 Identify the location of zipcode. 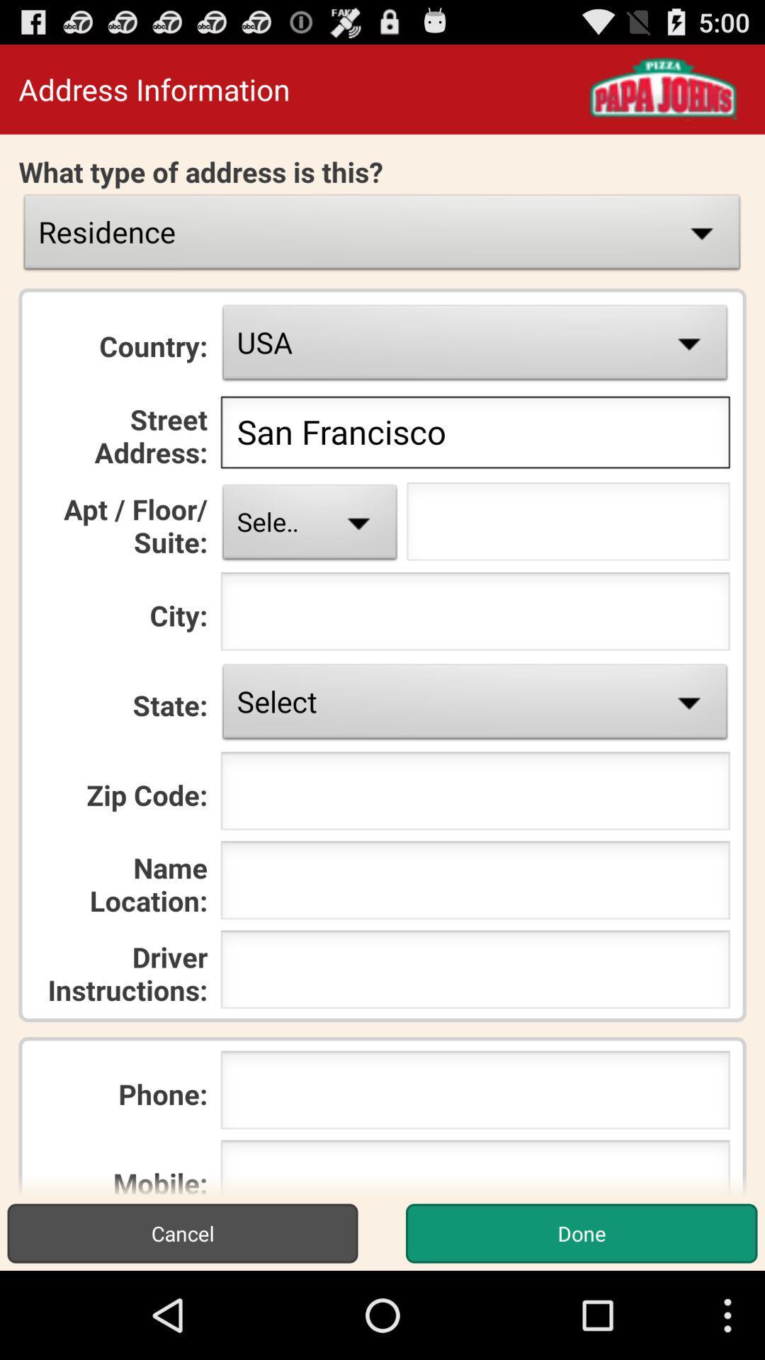
(475, 795).